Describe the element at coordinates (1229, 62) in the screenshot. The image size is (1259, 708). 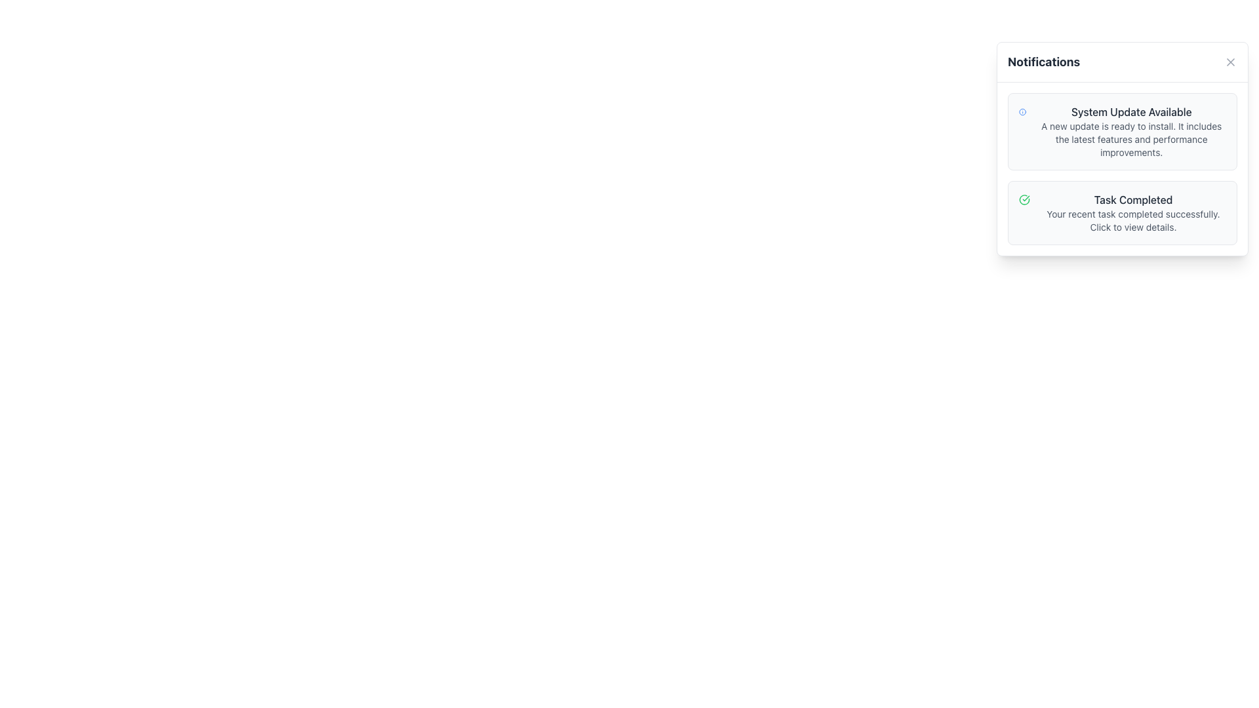
I see `the 'X' close icon located in the top-right corner of the notification panel` at that location.